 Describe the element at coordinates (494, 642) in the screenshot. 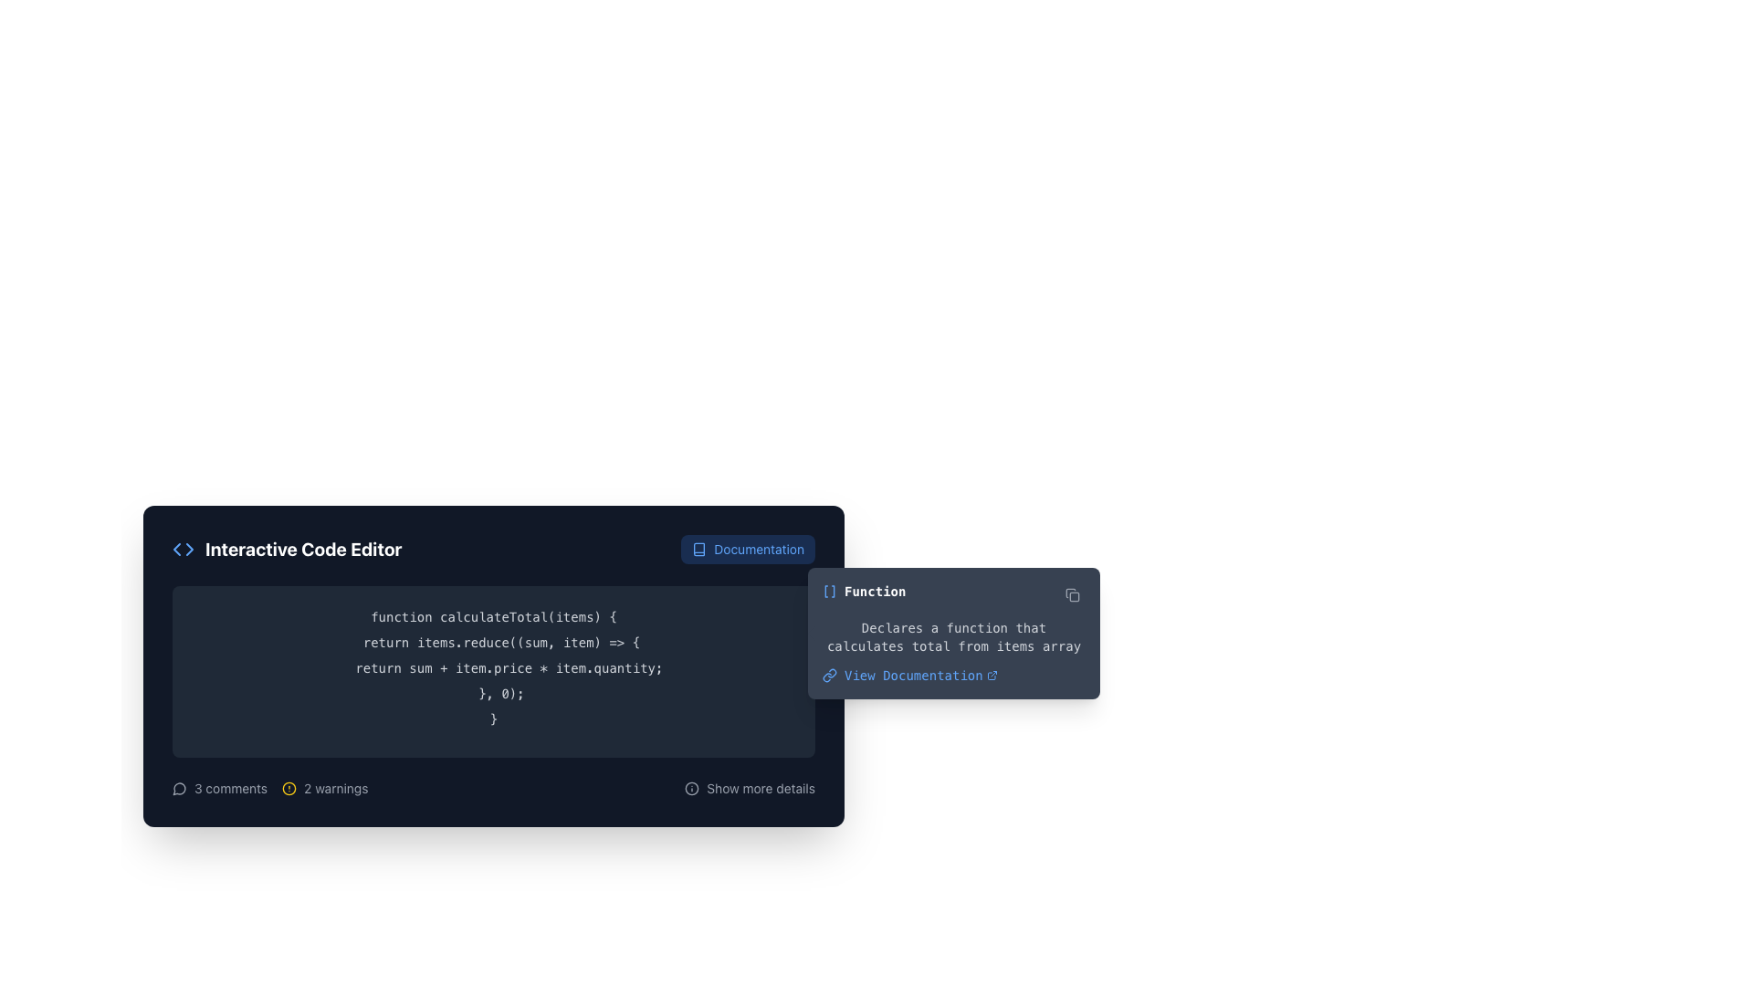

I see `the code snippet` at that location.